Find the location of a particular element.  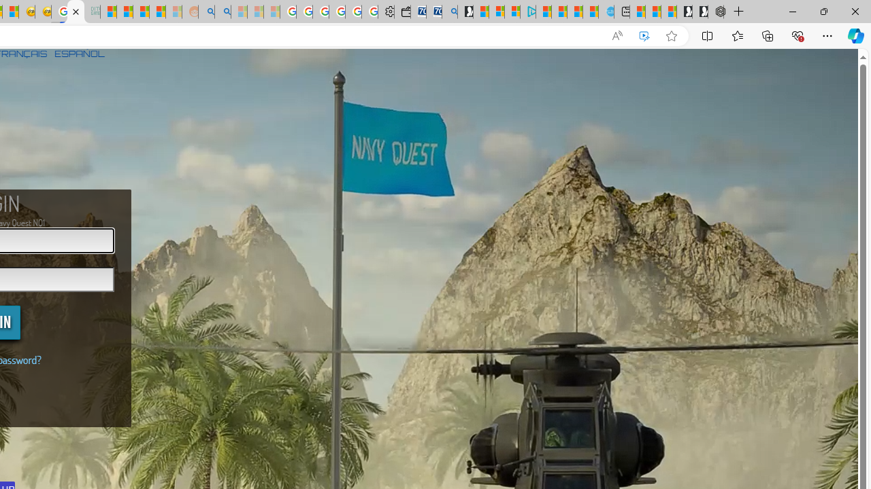

'Utah sues federal government - Search' is located at coordinates (223, 12).